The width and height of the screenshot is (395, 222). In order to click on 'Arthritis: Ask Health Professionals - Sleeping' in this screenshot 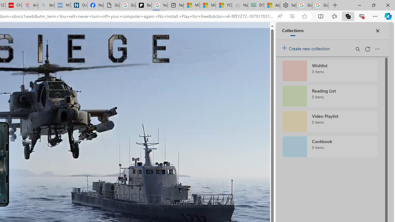, I will do `click(29, 5)`.